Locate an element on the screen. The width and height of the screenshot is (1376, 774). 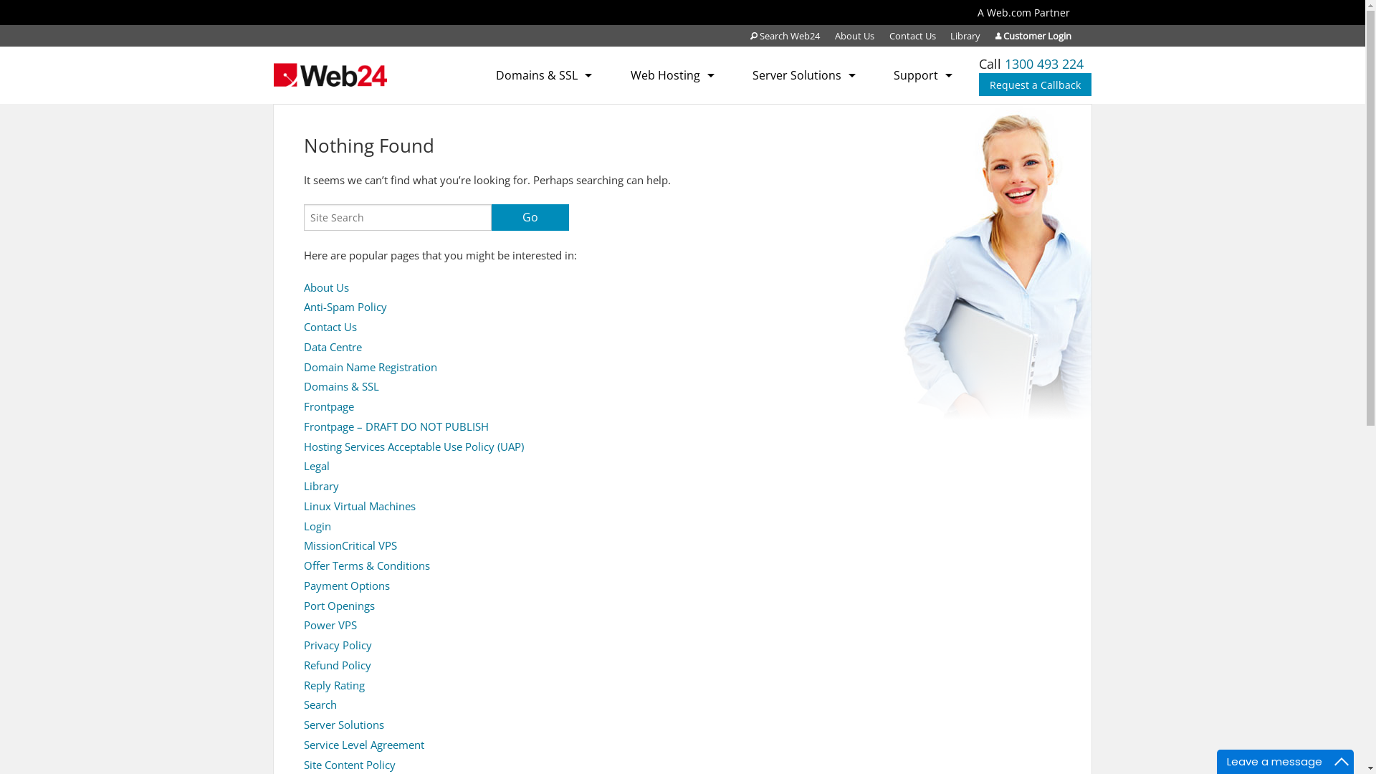
'Maximize' is located at coordinates (1341, 761).